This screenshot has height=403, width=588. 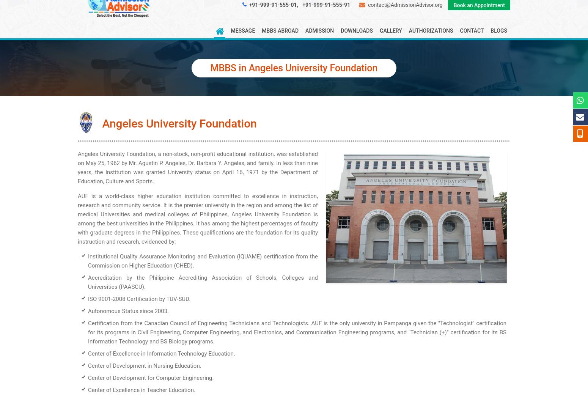 I want to click on 'Certification from the Canadian Council of Engineering Technicians and Technologists. AUF is the only university in Pampanga given the "Technologist" certification for its programs in Civil Engineering, Computer Engineering, and Electronics, and Communication Engineering programs, and "Technician (+)" certification for its BS Information Technology and BS Biology programs.', so click(x=88, y=332).